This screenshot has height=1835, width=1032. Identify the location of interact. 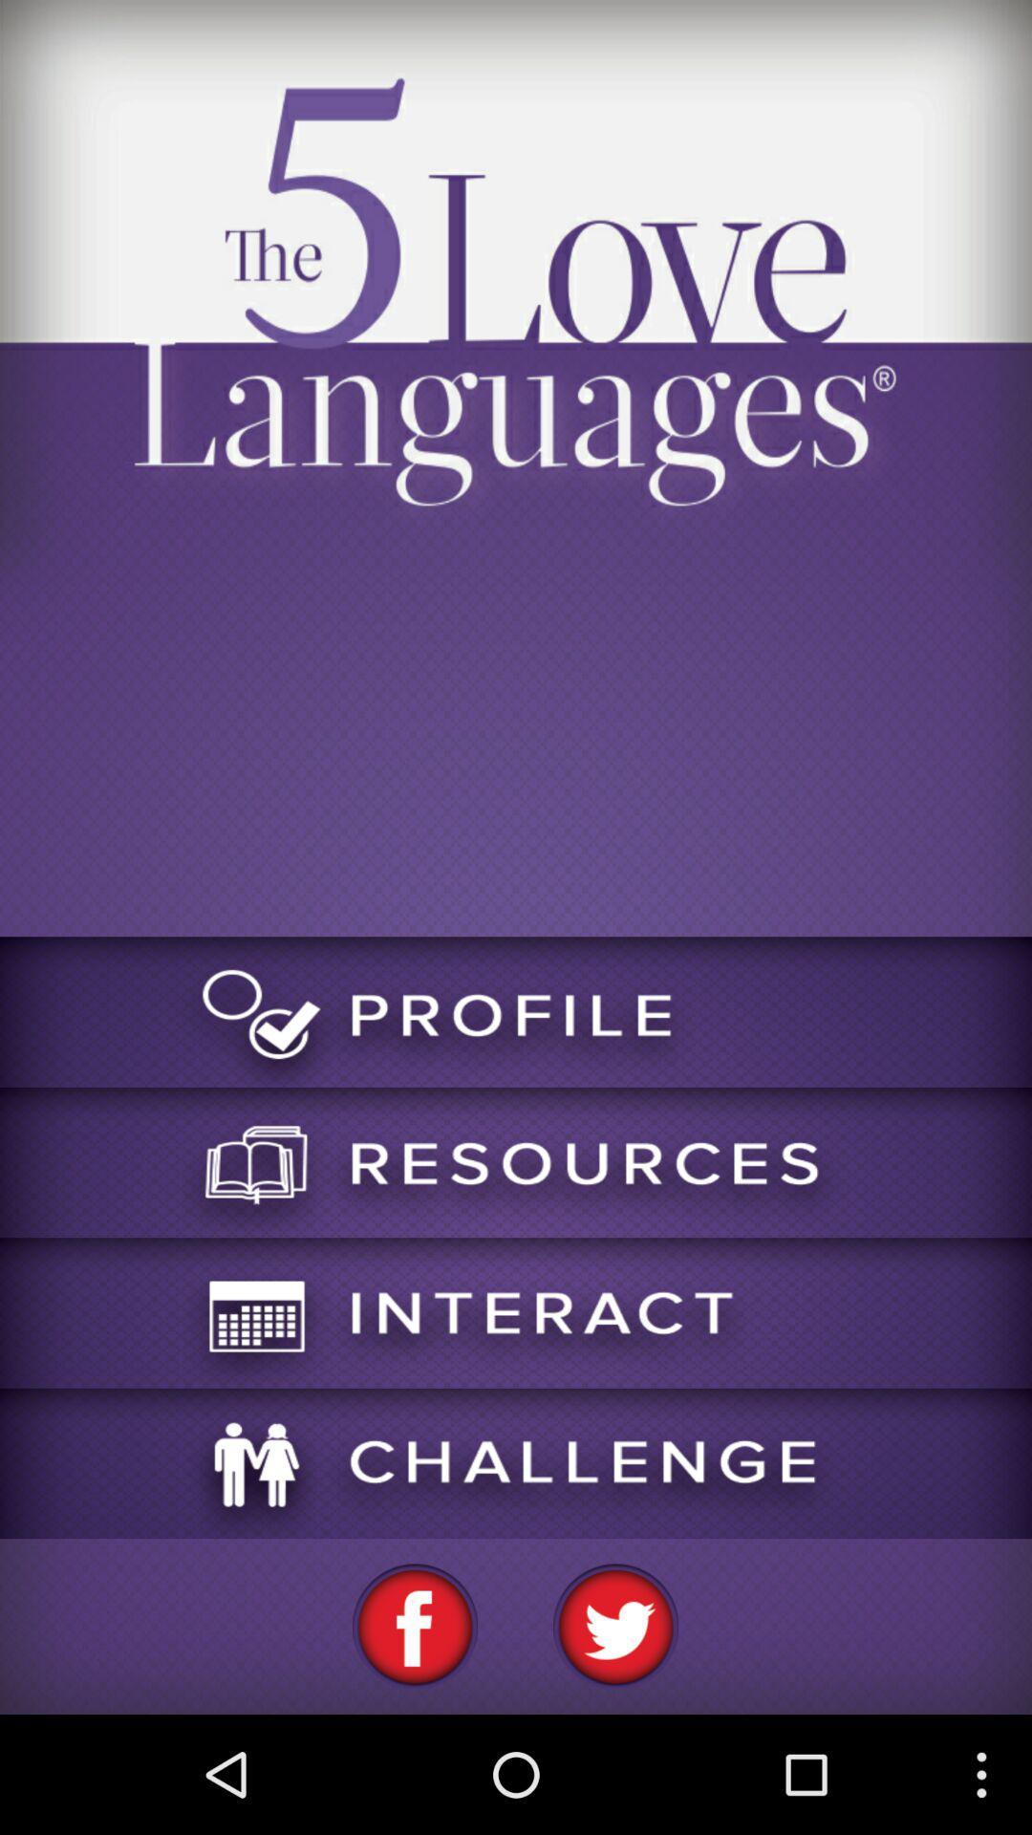
(516, 1311).